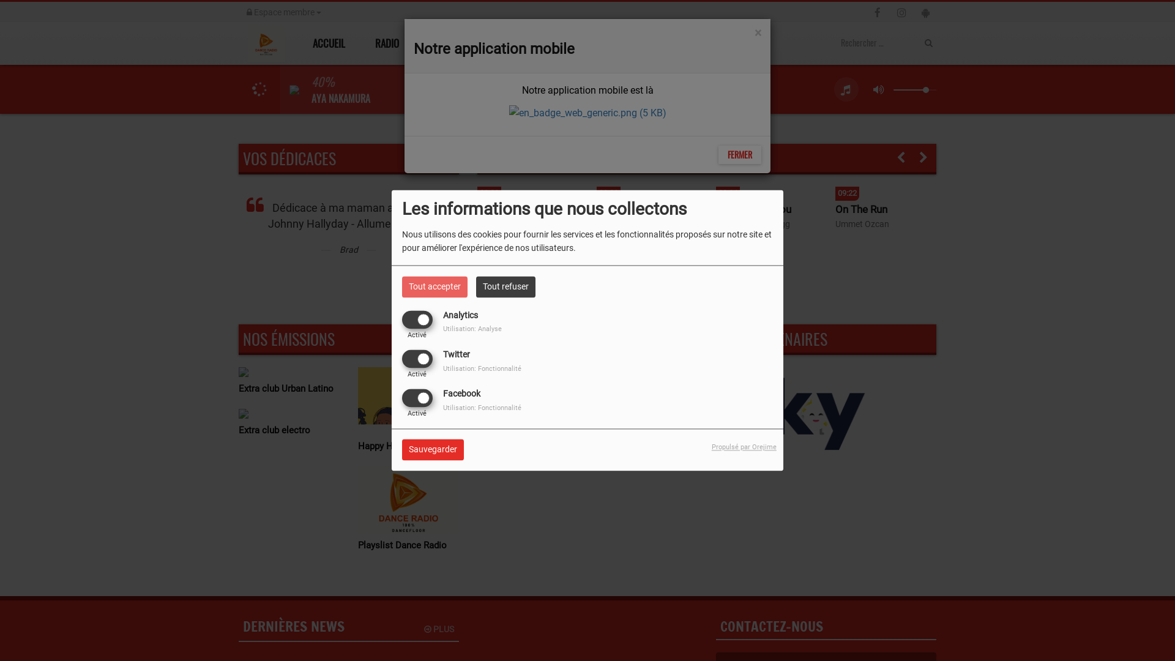  Describe the element at coordinates (408, 446) in the screenshot. I see `'Happy Hours Show'` at that location.